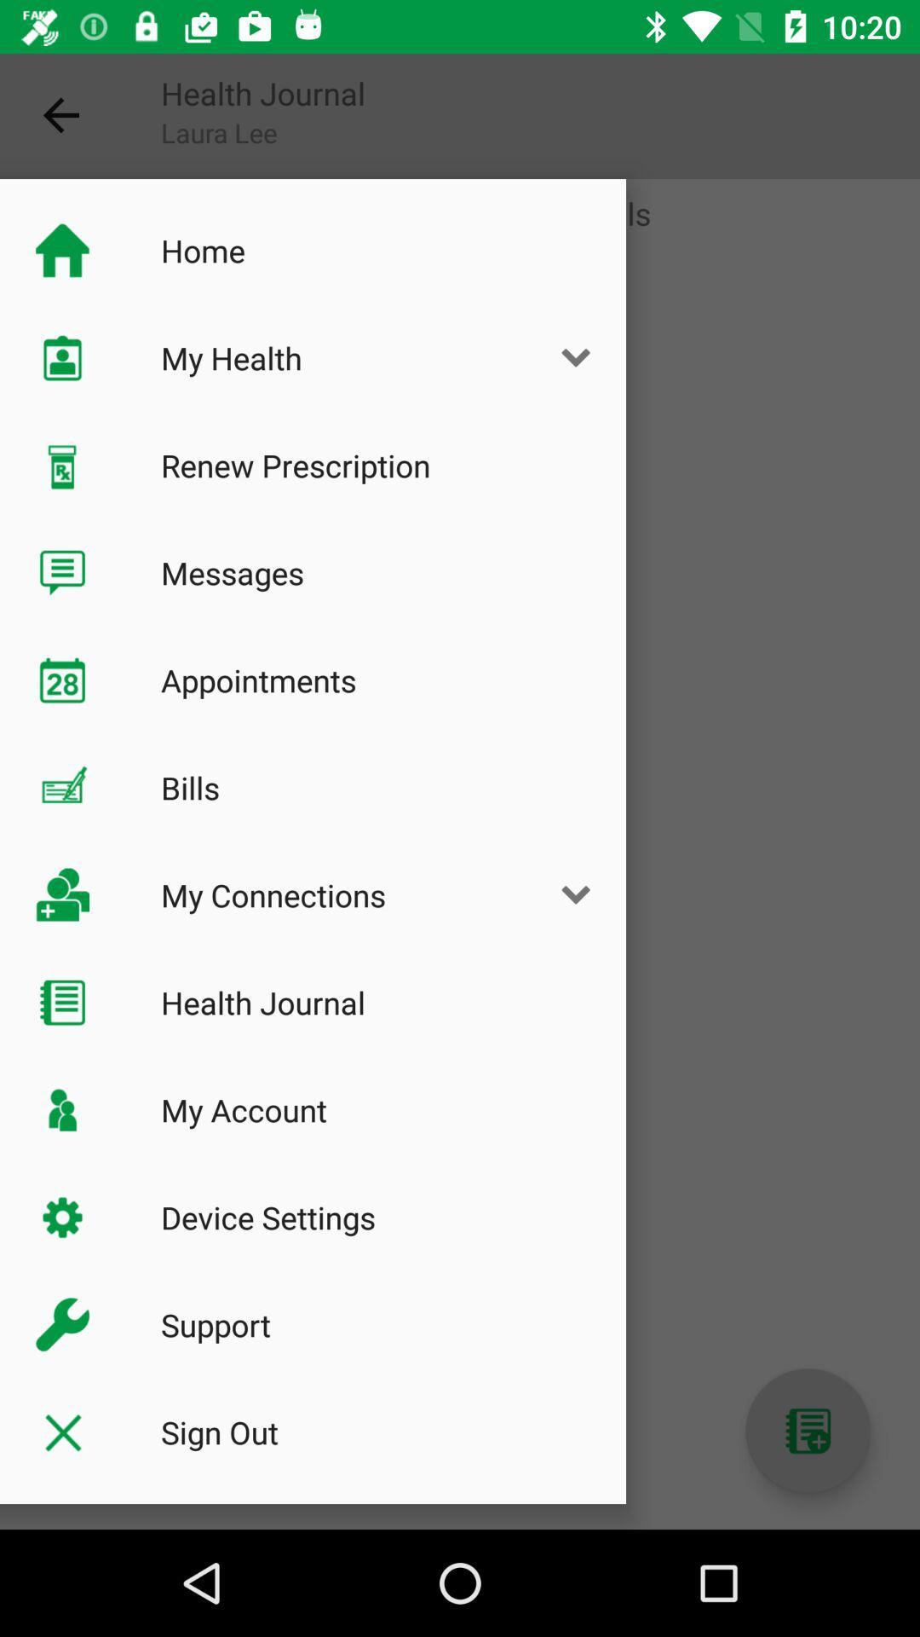 Image resolution: width=920 pixels, height=1637 pixels. What do you see at coordinates (61, 115) in the screenshot?
I see `the icon next to health journal item` at bounding box center [61, 115].